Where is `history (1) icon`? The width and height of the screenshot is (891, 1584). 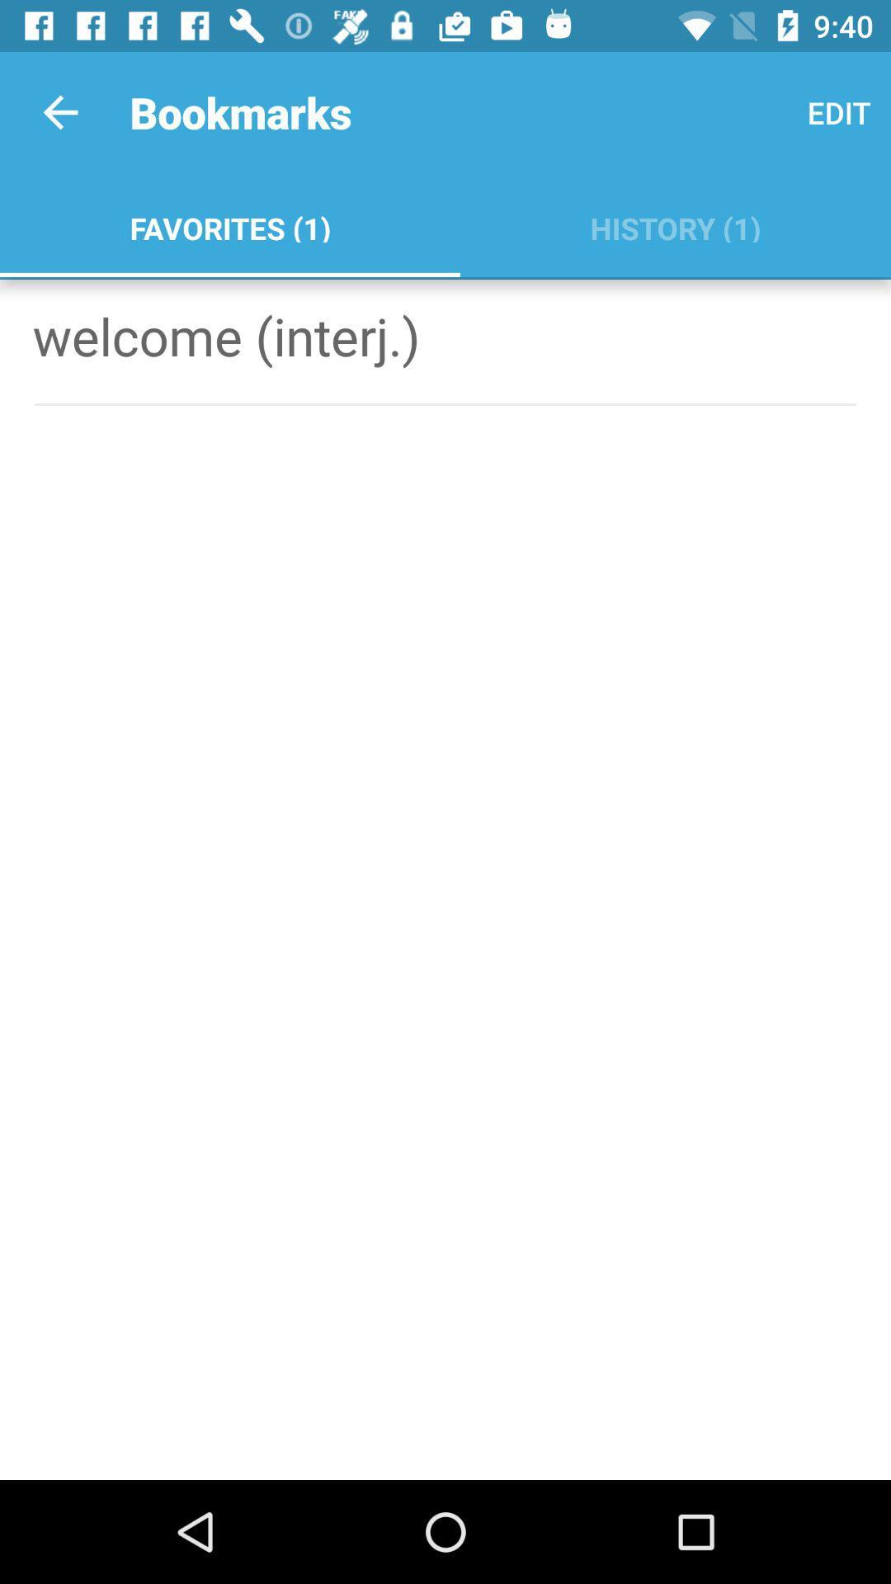
history (1) icon is located at coordinates (675, 224).